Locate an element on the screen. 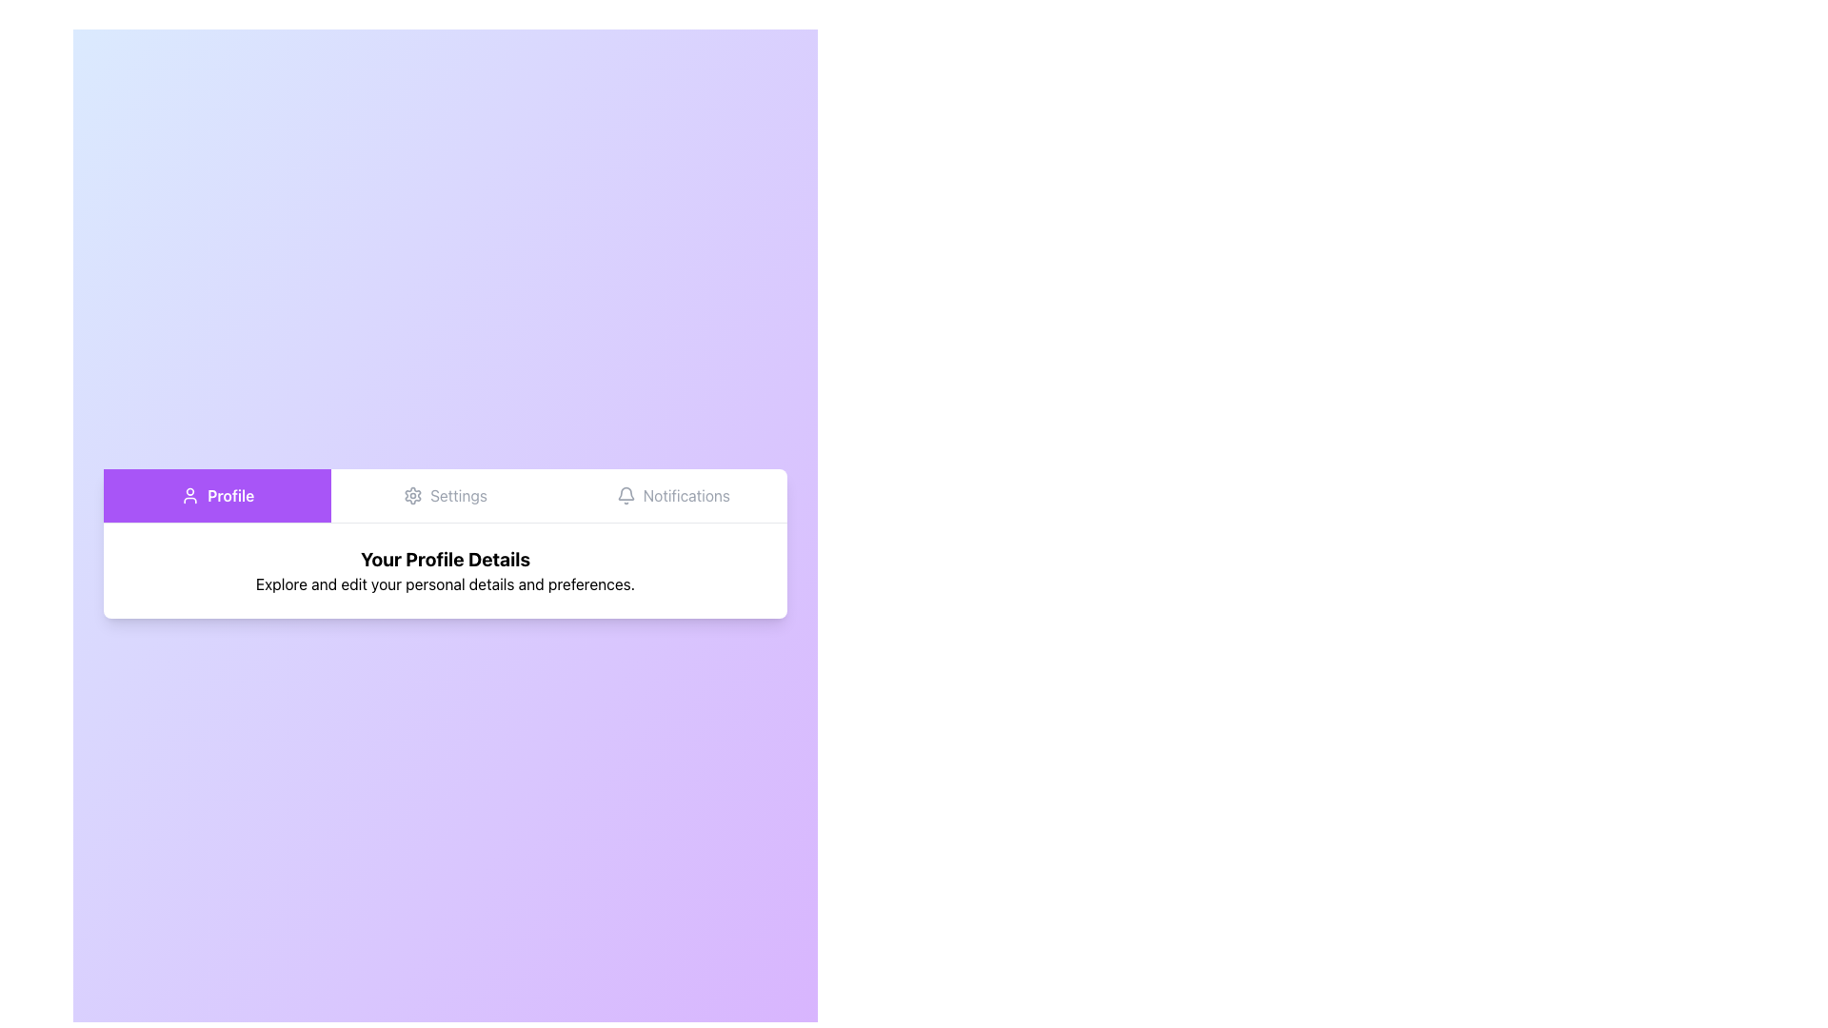  the 'Settings' button in the navigation bar is located at coordinates (444, 494).